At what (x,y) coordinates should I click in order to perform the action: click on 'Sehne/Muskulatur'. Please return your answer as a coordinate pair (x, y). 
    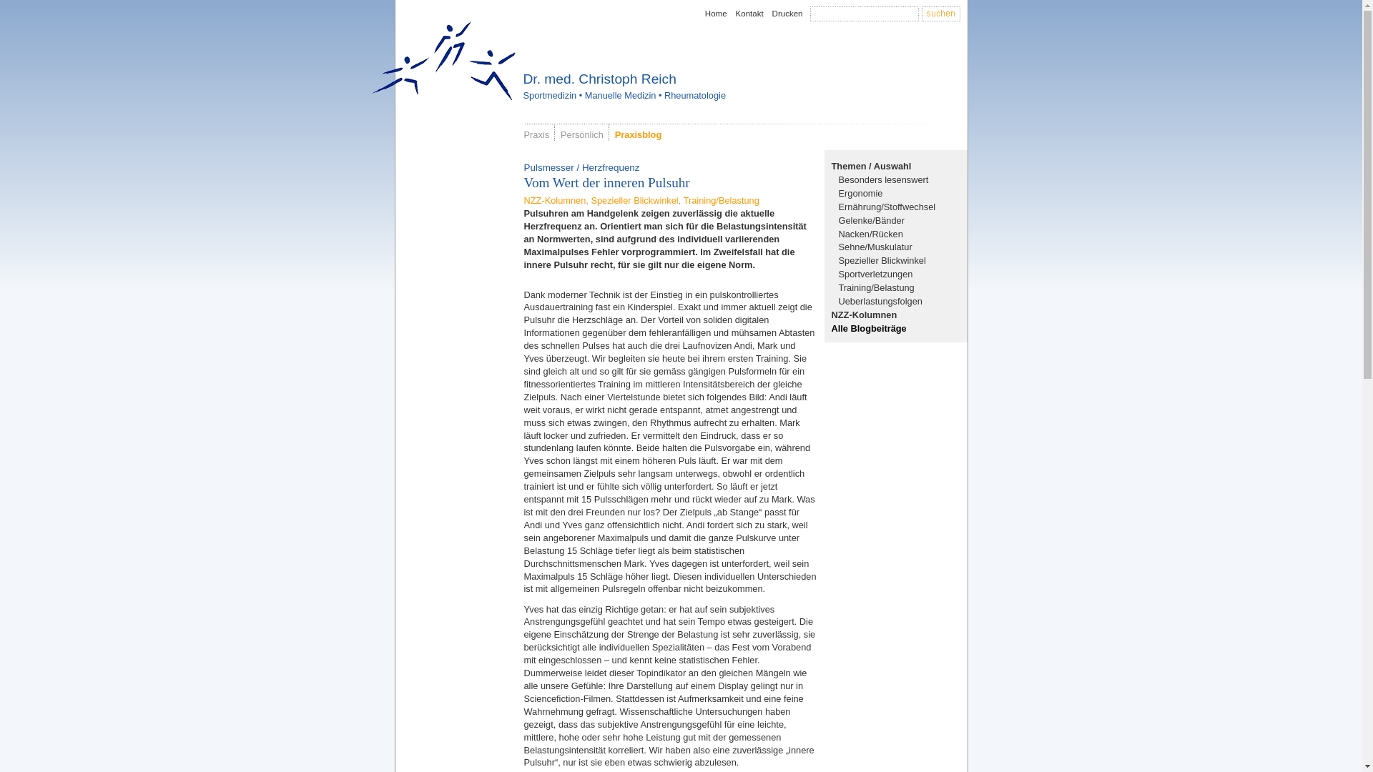
    Looking at the image, I should click on (874, 246).